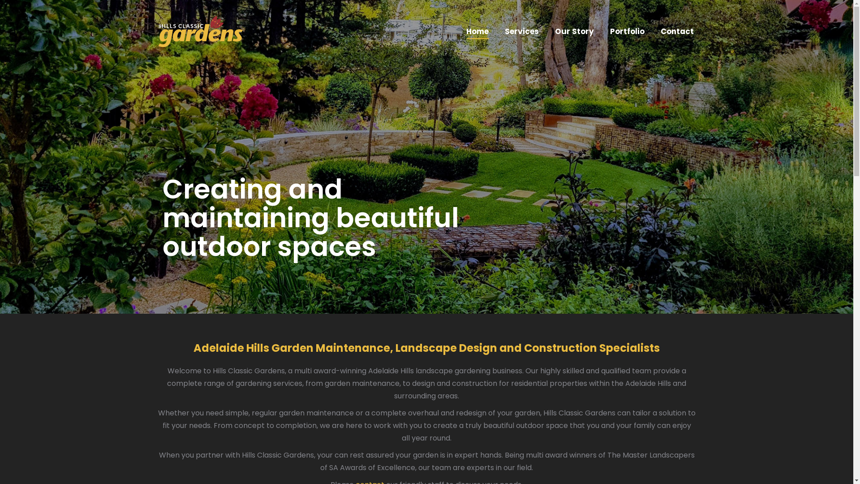 This screenshot has height=484, width=860. Describe the element at coordinates (677, 31) in the screenshot. I see `'Contact'` at that location.